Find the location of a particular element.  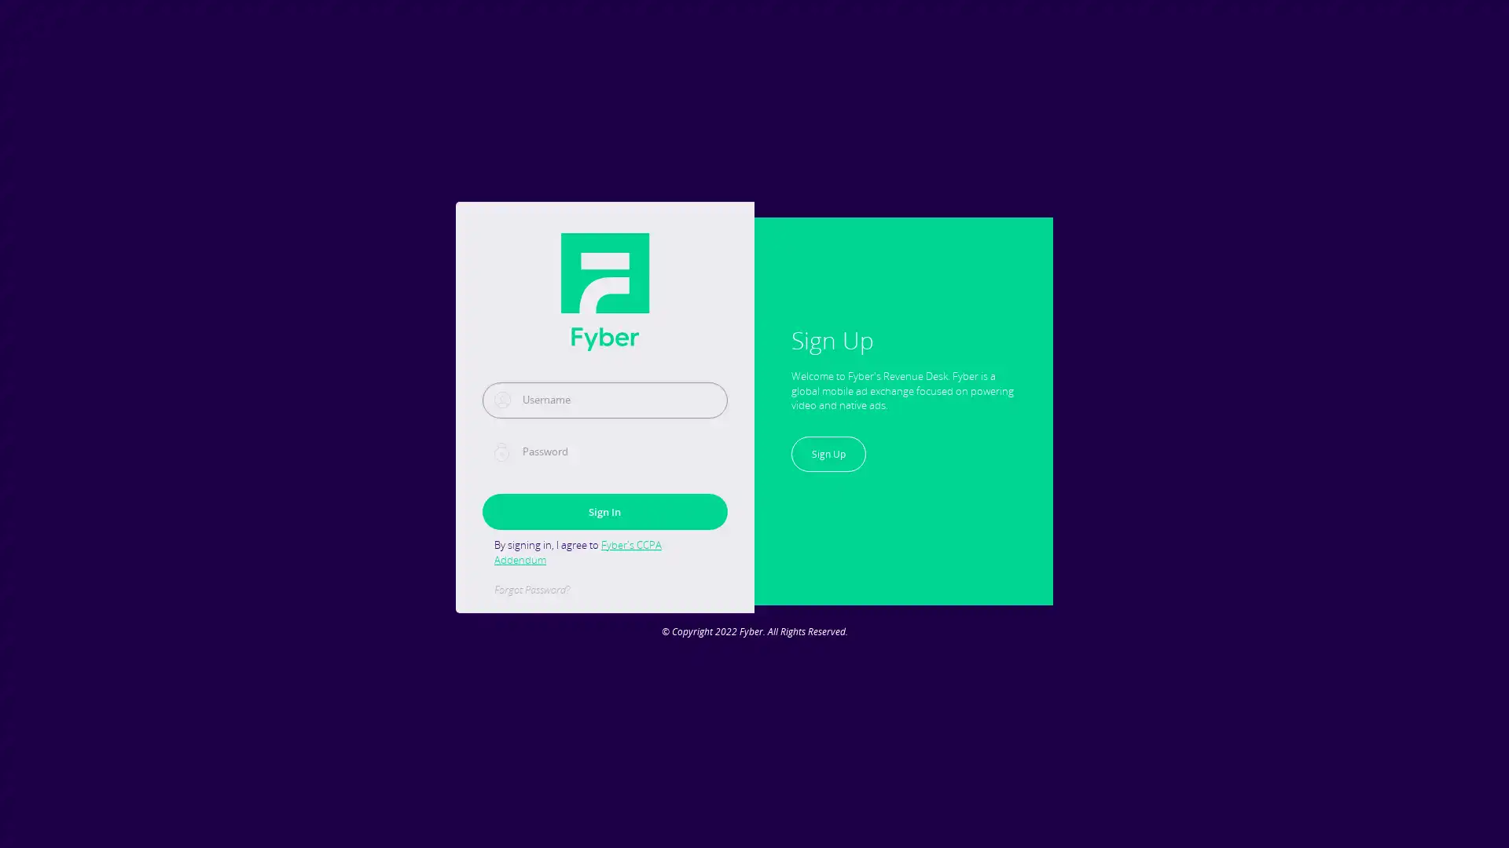

Sign In is located at coordinates (604, 511).